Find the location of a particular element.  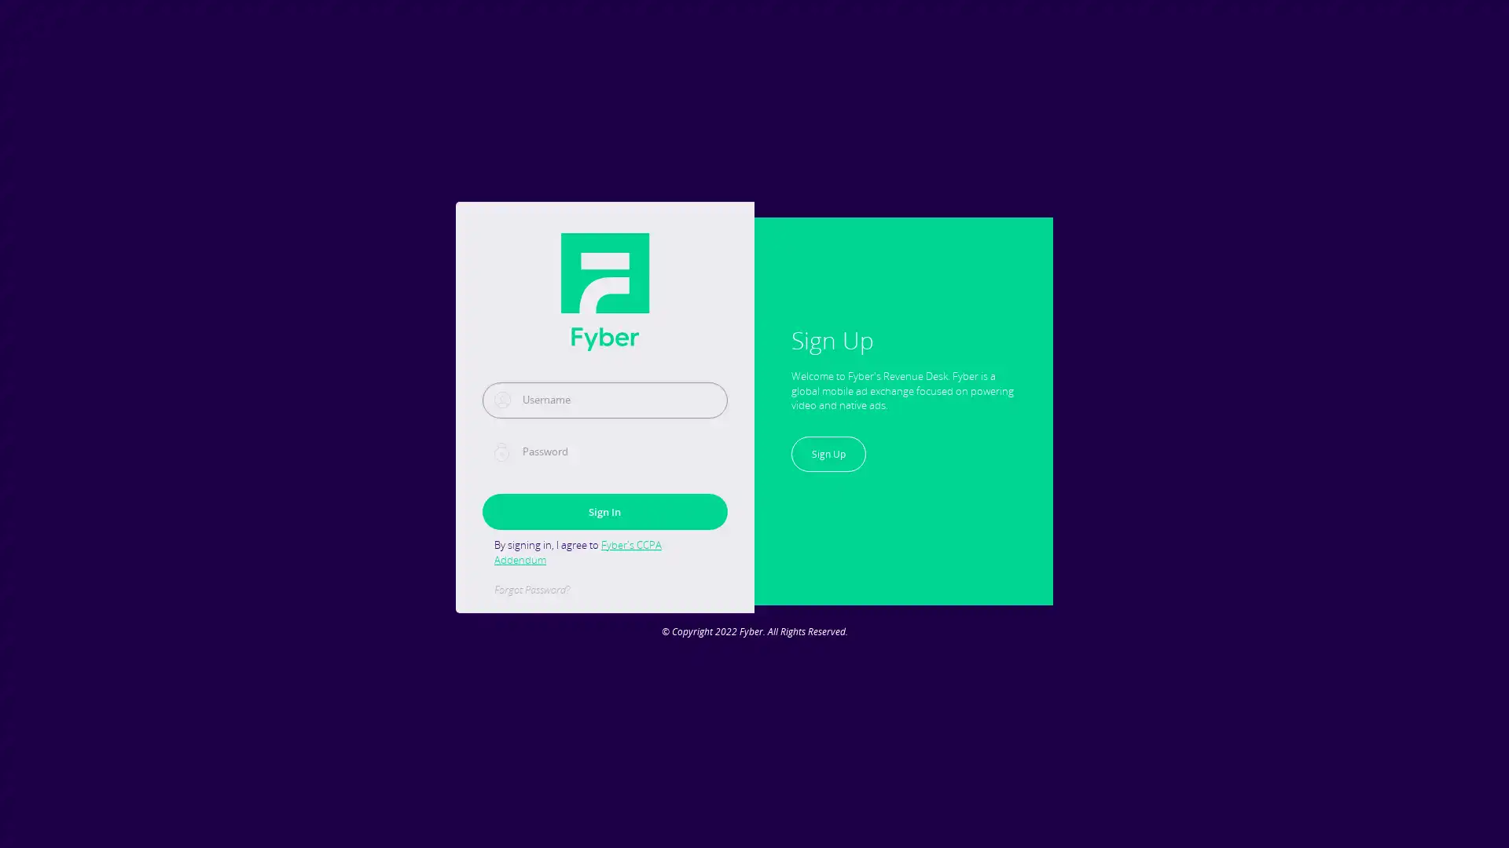

Sign In is located at coordinates (604, 511).